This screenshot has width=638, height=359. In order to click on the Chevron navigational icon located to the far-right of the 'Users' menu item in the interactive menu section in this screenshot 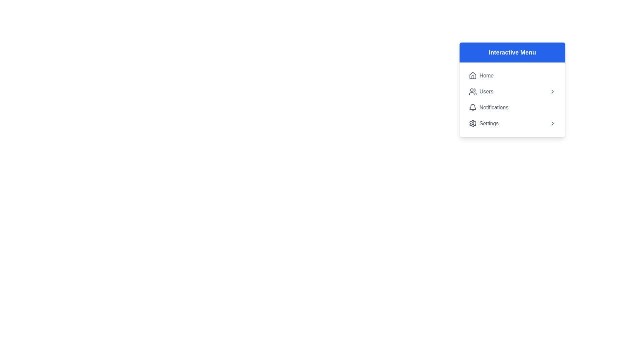, I will do `click(552, 92)`.